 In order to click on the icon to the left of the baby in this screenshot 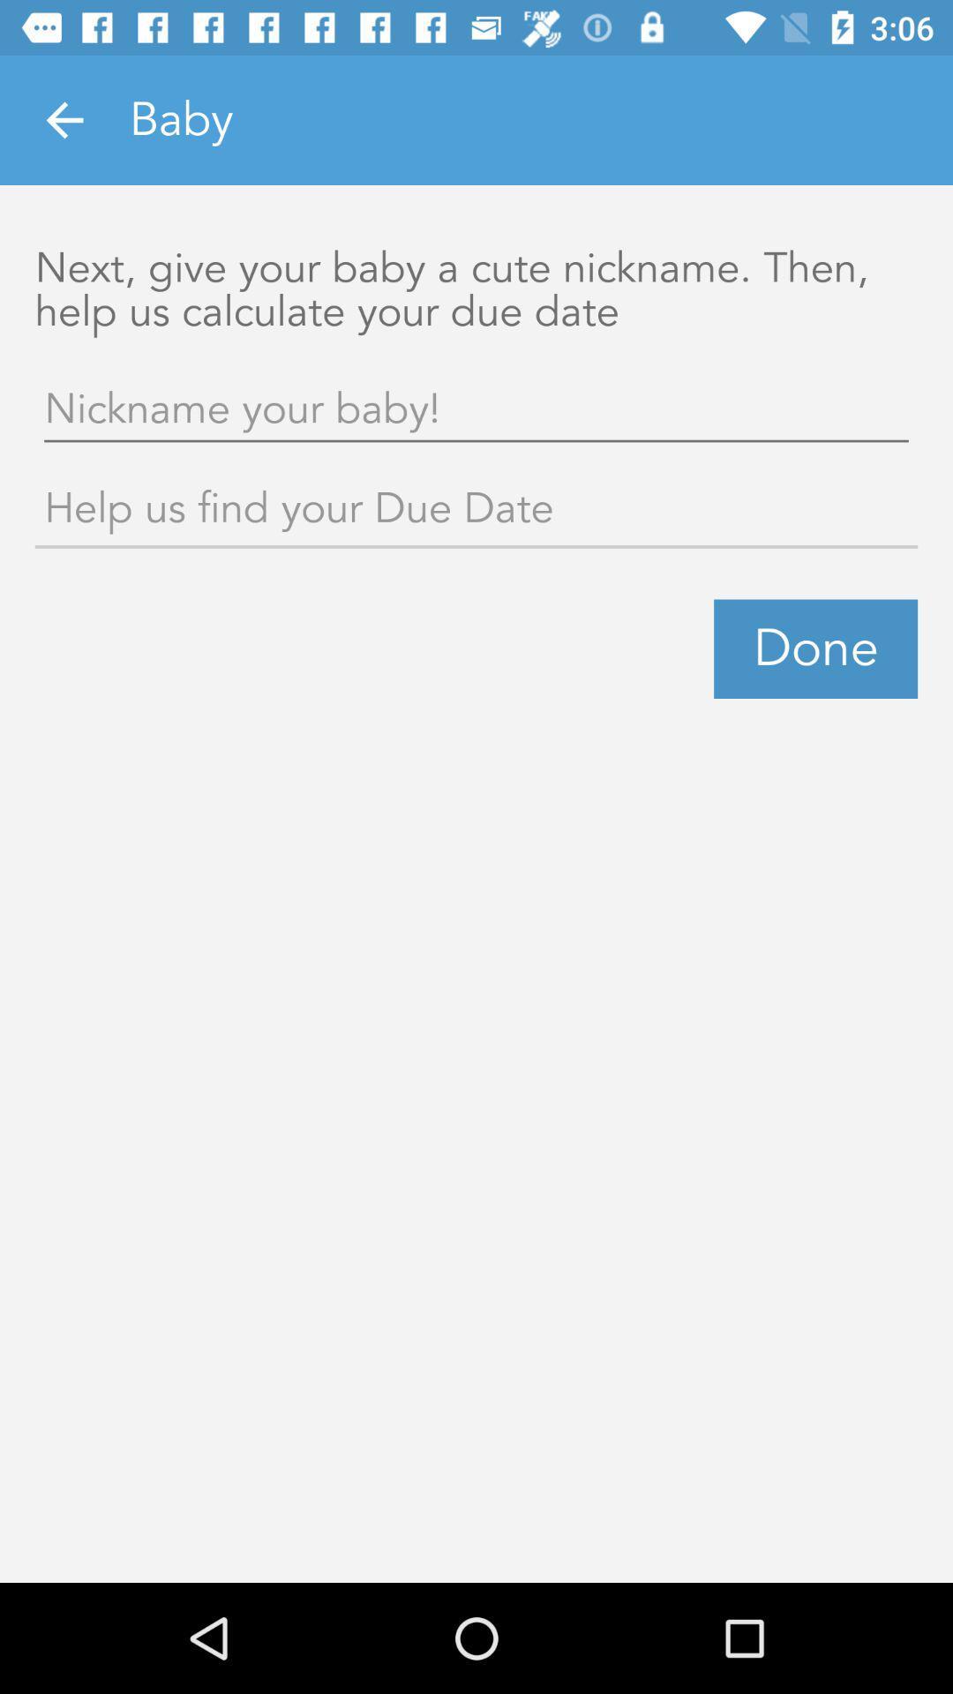, I will do `click(64, 119)`.